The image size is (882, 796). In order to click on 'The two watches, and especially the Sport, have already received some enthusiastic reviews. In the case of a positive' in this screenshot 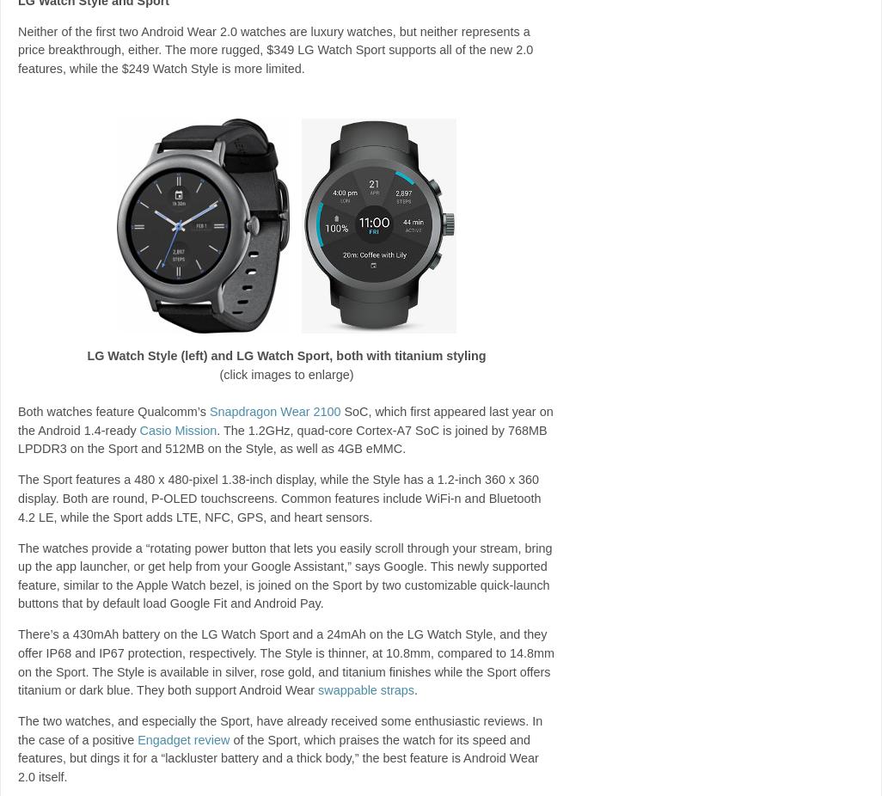, I will do `click(279, 730)`.